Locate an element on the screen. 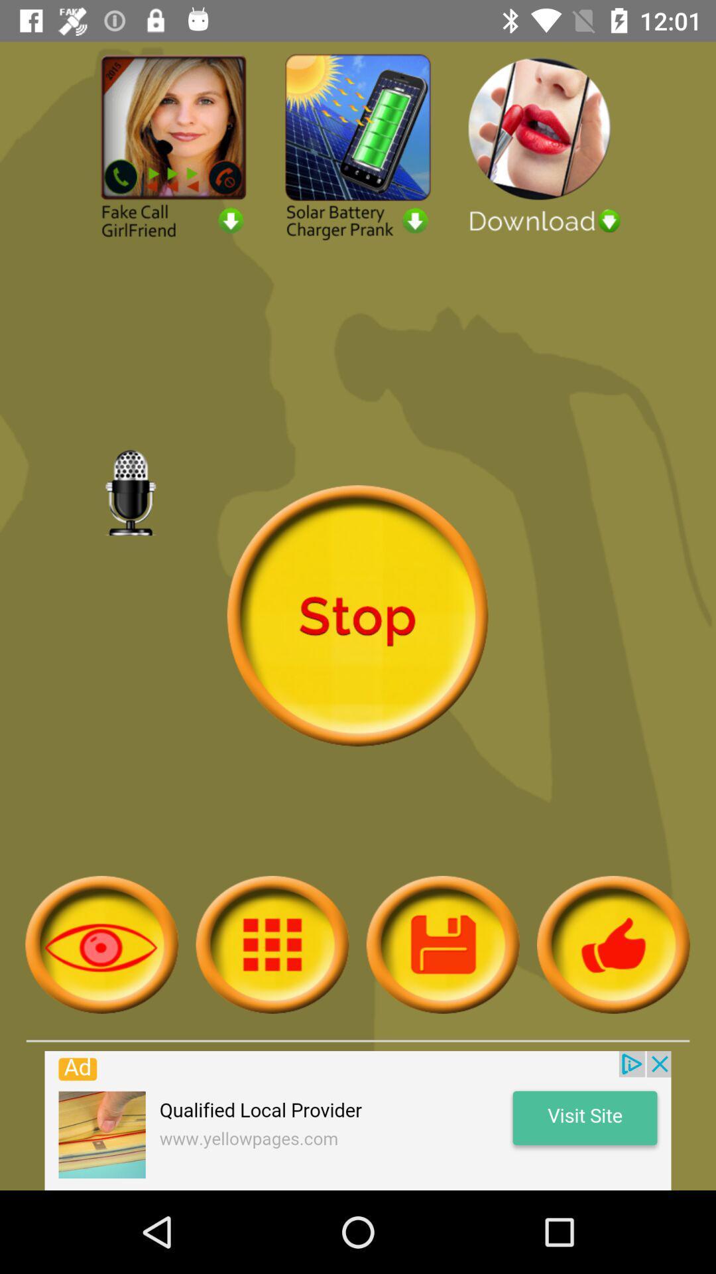 This screenshot has height=1274, width=716. advertisement site is located at coordinates (358, 1120).